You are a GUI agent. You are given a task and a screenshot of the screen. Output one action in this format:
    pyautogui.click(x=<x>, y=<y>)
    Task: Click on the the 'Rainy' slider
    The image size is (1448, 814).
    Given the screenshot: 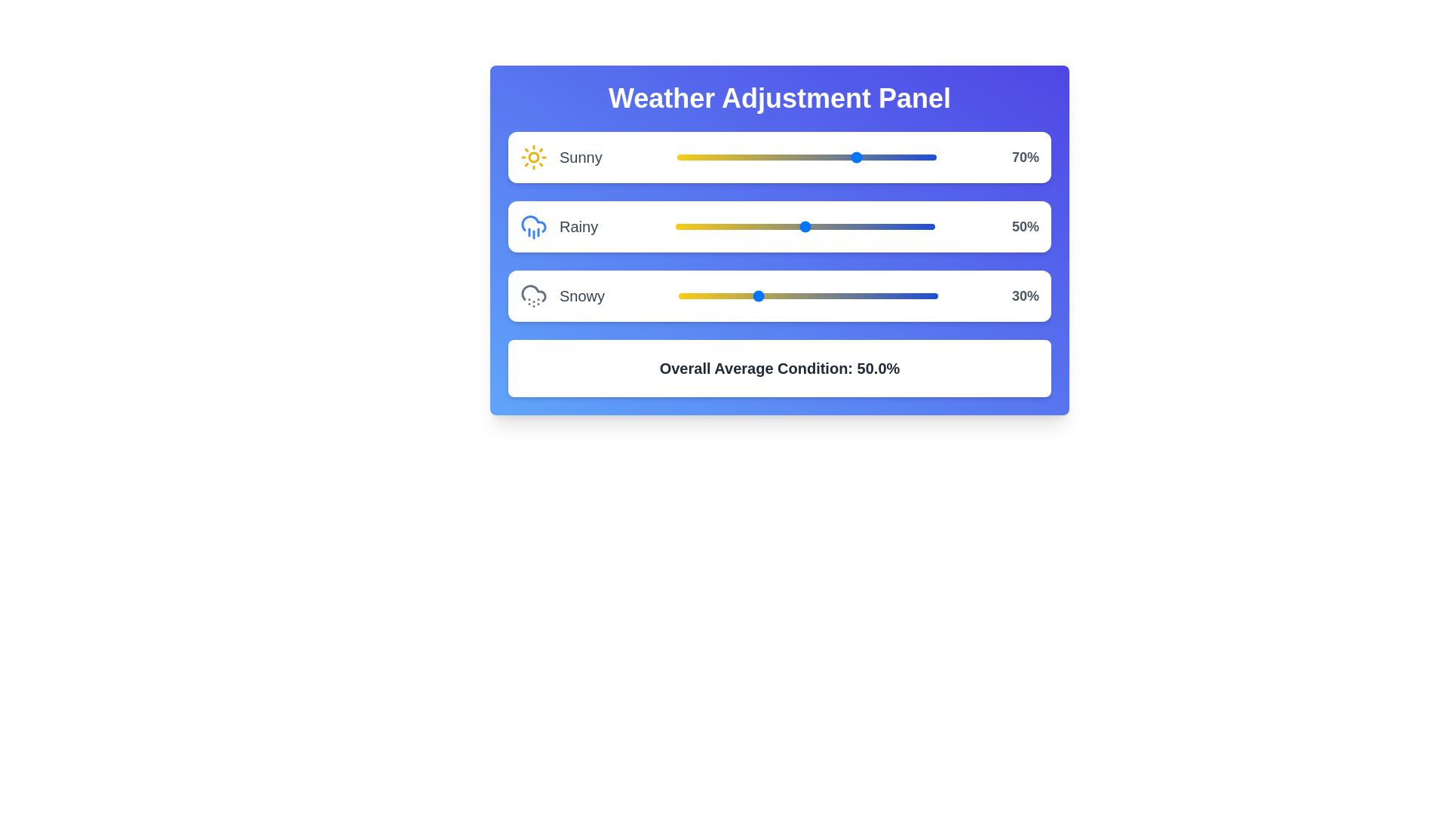 What is the action you would take?
    pyautogui.click(x=905, y=226)
    